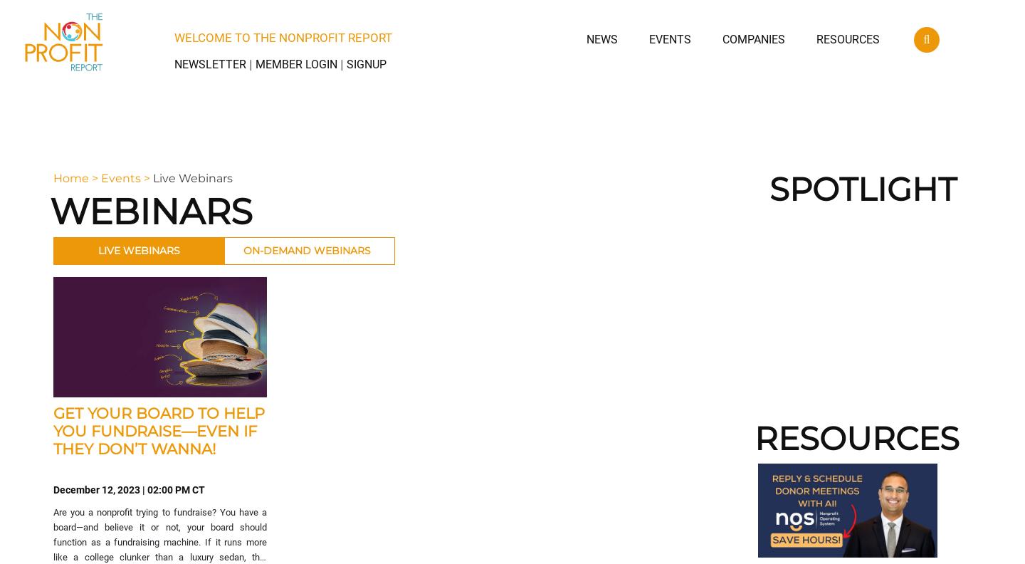 The height and width of the screenshot is (564, 1025). I want to click on 'Resources', so click(847, 39).